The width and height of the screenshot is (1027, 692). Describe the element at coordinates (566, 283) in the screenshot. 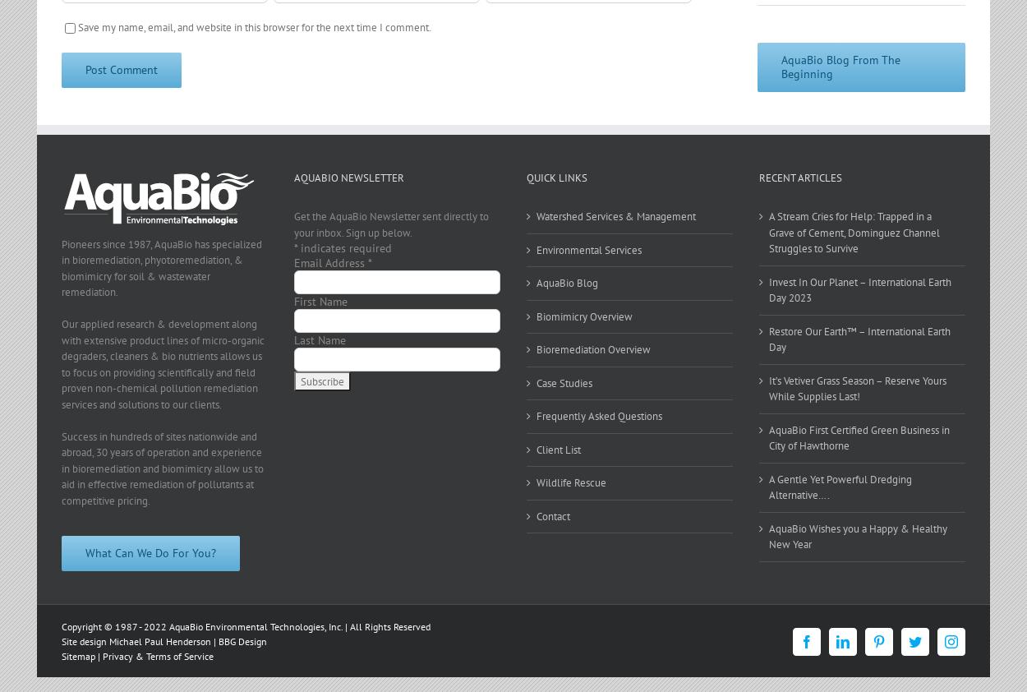

I see `'AquaBio Blog'` at that location.